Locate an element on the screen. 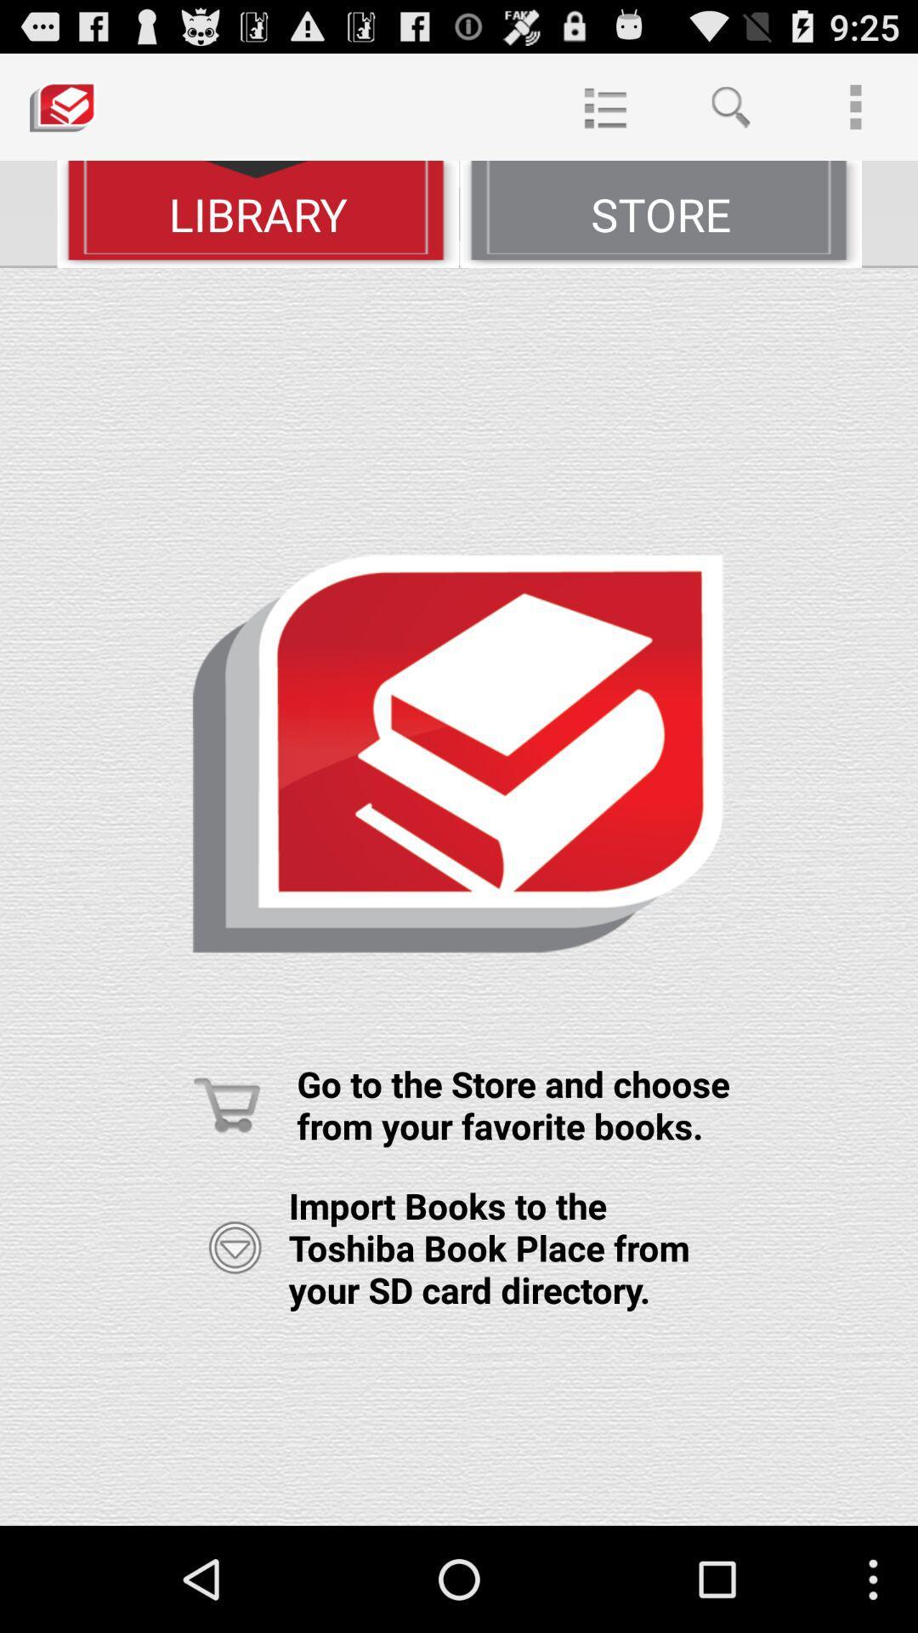 The height and width of the screenshot is (1633, 918). icon above the store is located at coordinates (604, 105).